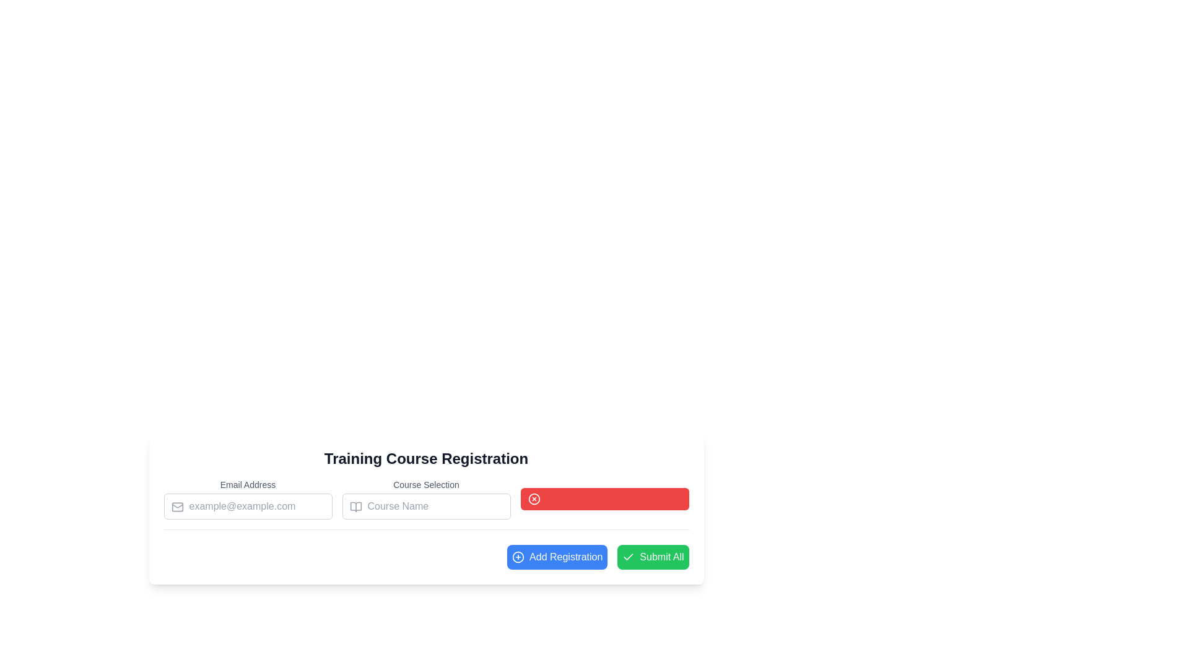 This screenshot has height=668, width=1189. I want to click on the central circular part of the graphical icon located in the red button to the right of the 'Course Selection' field in the 'Training Course Registration' form, so click(534, 498).